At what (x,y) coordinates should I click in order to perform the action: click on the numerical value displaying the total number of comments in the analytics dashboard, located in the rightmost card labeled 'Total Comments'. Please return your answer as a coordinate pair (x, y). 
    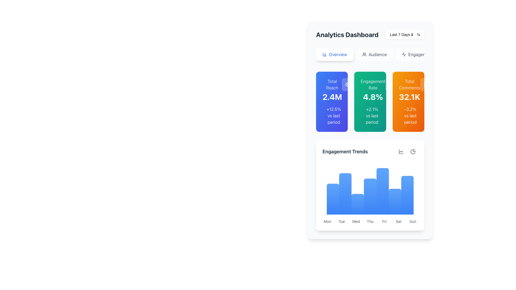
    Looking at the image, I should click on (409, 97).